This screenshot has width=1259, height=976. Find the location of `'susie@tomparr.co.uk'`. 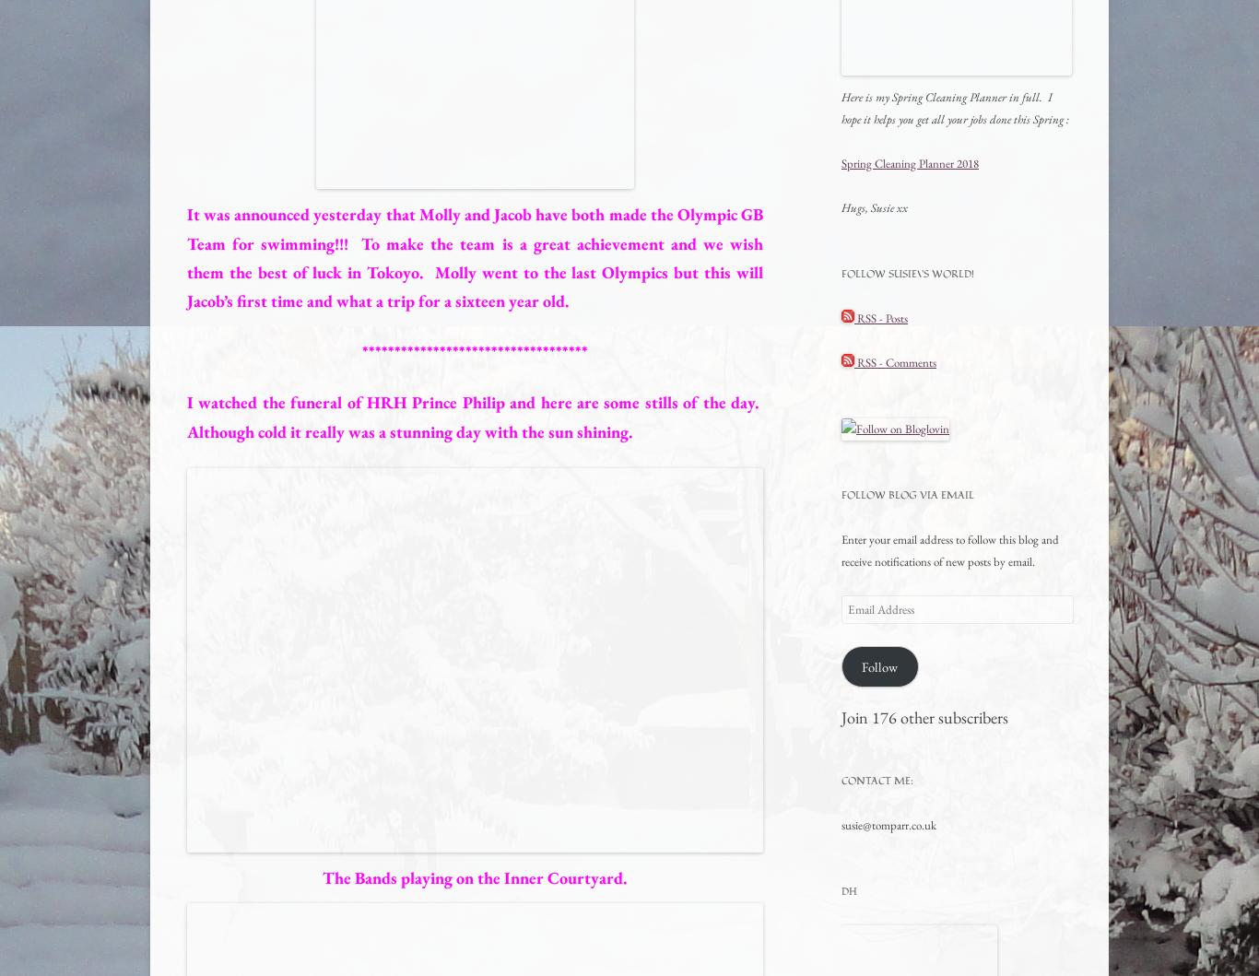

'susie@tomparr.co.uk' is located at coordinates (888, 825).